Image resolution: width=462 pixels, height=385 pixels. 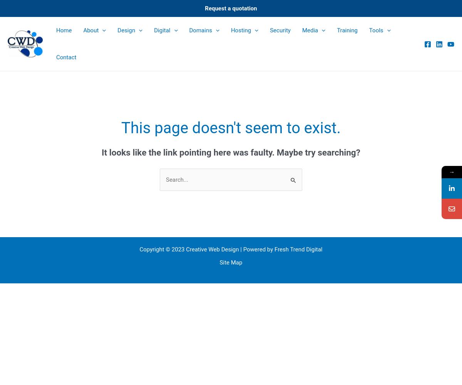 What do you see at coordinates (301, 30) in the screenshot?
I see `'Media'` at bounding box center [301, 30].